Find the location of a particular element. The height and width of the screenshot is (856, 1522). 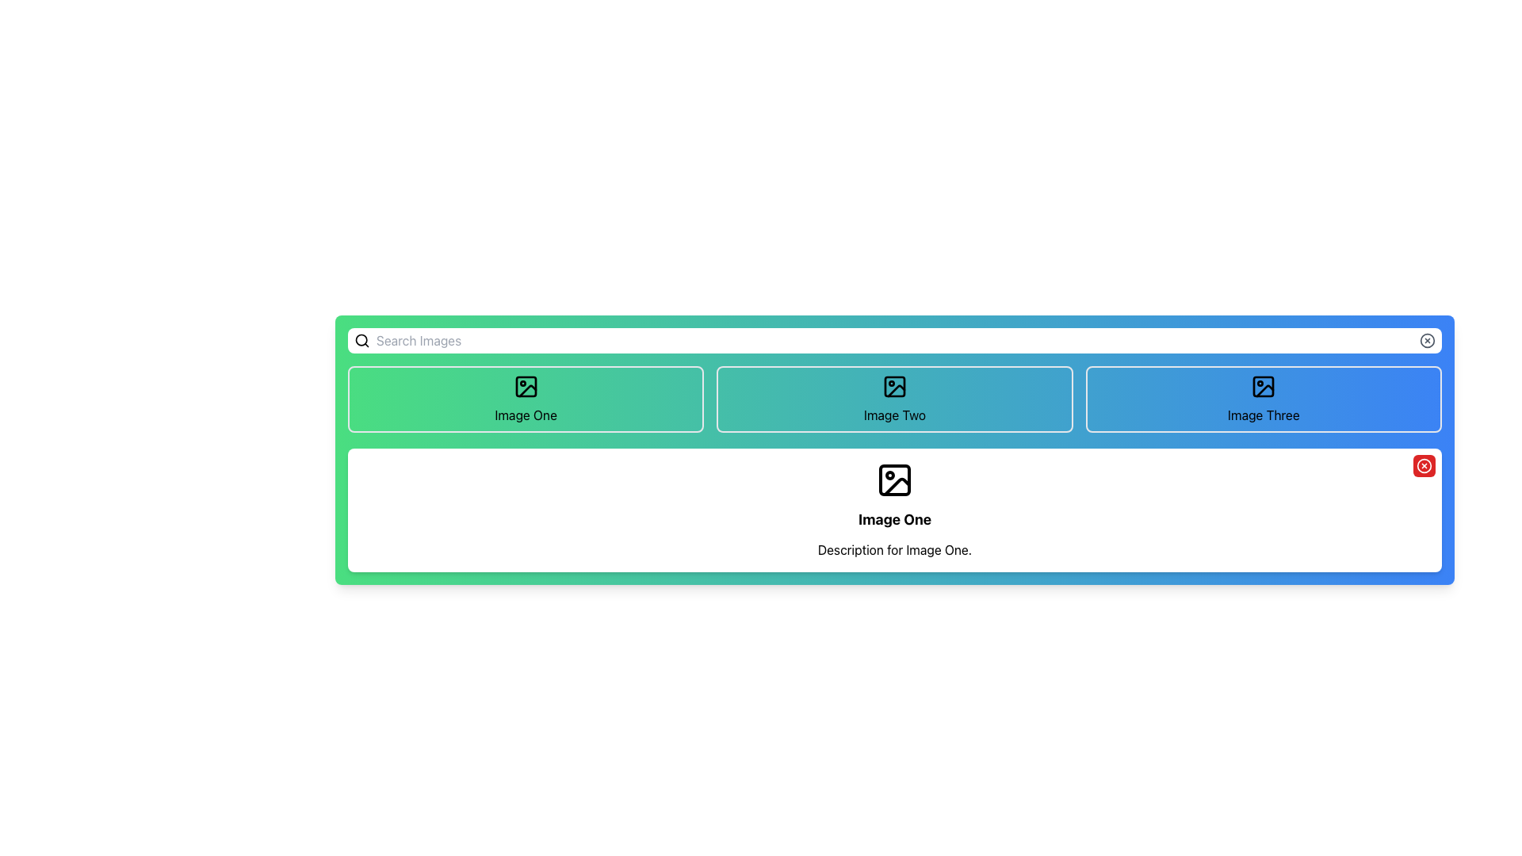

the small circular gray button in the top-right corner of the search bar to clear the text is located at coordinates (1427, 339).